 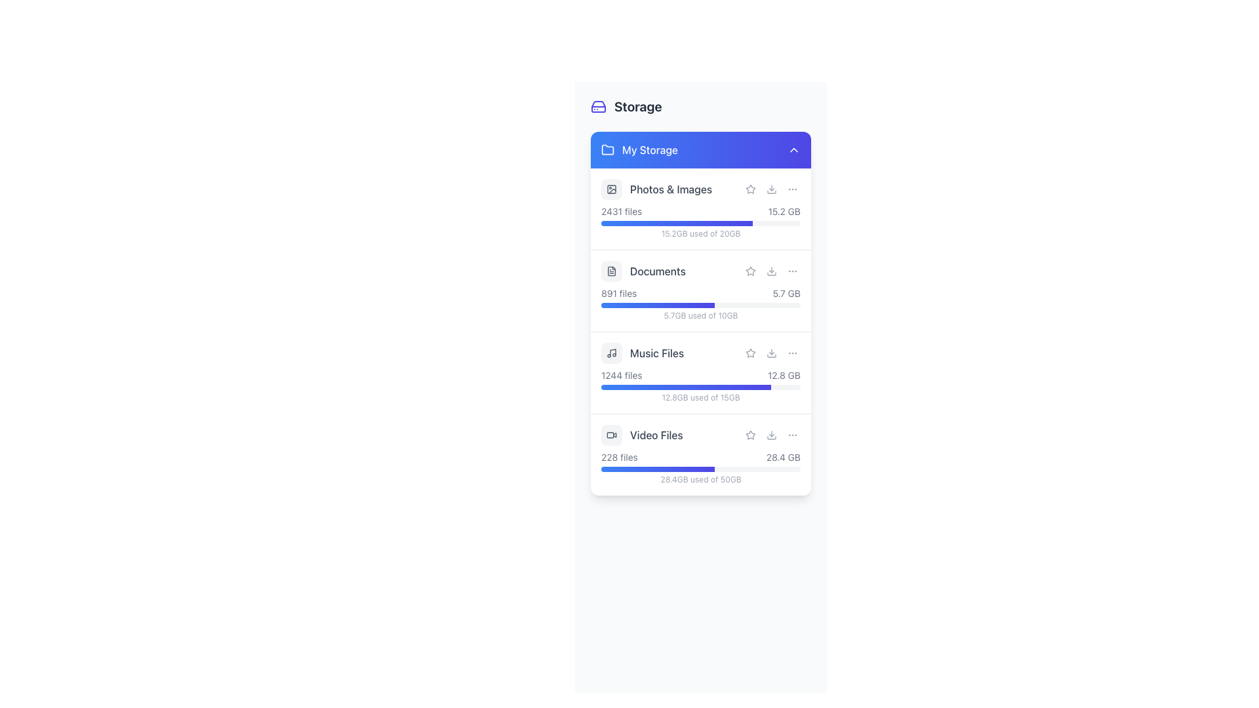 I want to click on the content of the Text Label that displays 'My Storage' on the blue header bar in the 'My Storage' section of the UI, so click(x=650, y=149).